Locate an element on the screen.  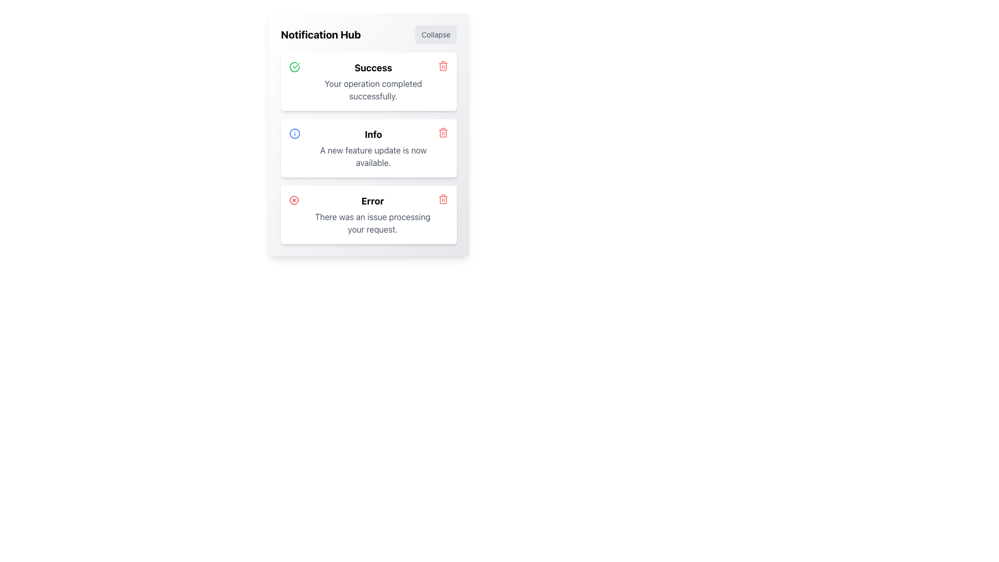
the red trash can icon located at the far right of the 'Error' notification box is located at coordinates (443, 199).